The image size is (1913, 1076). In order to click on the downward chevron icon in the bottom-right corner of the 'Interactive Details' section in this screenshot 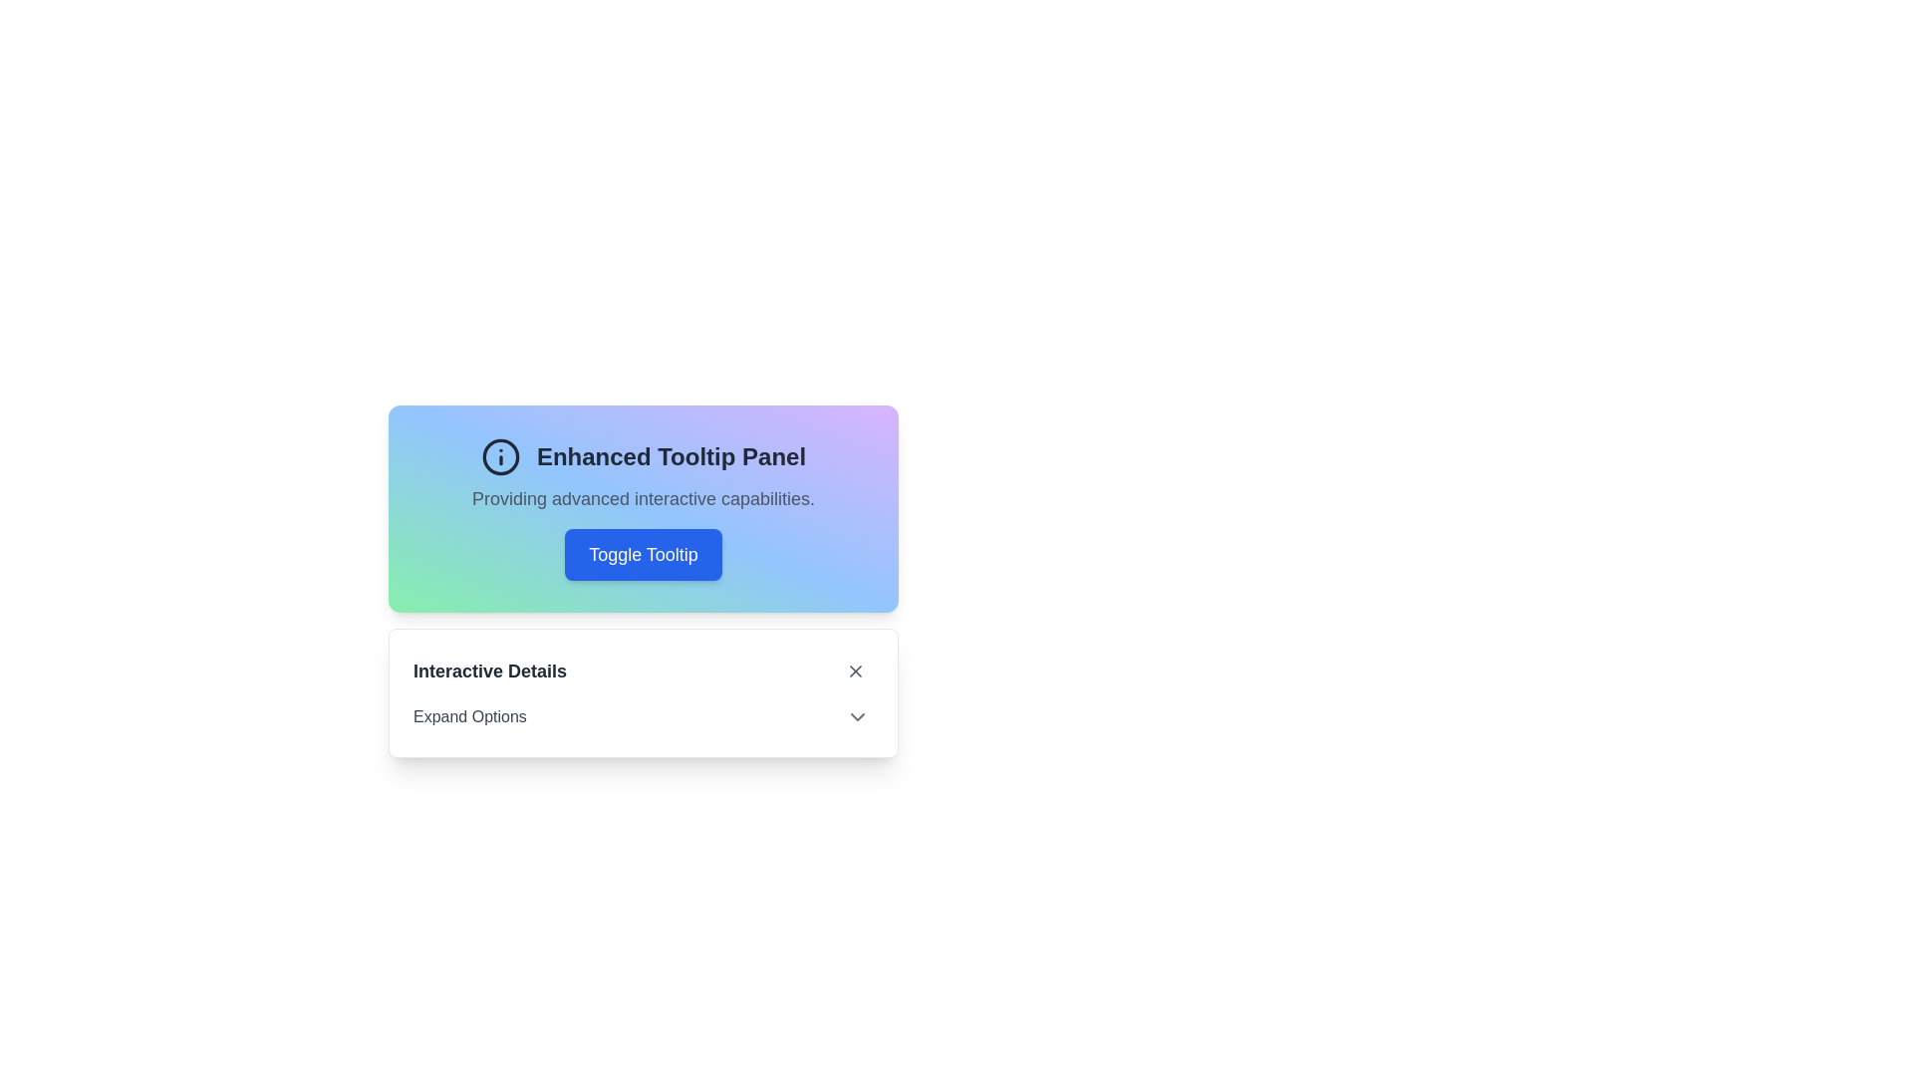, I will do `click(857, 717)`.